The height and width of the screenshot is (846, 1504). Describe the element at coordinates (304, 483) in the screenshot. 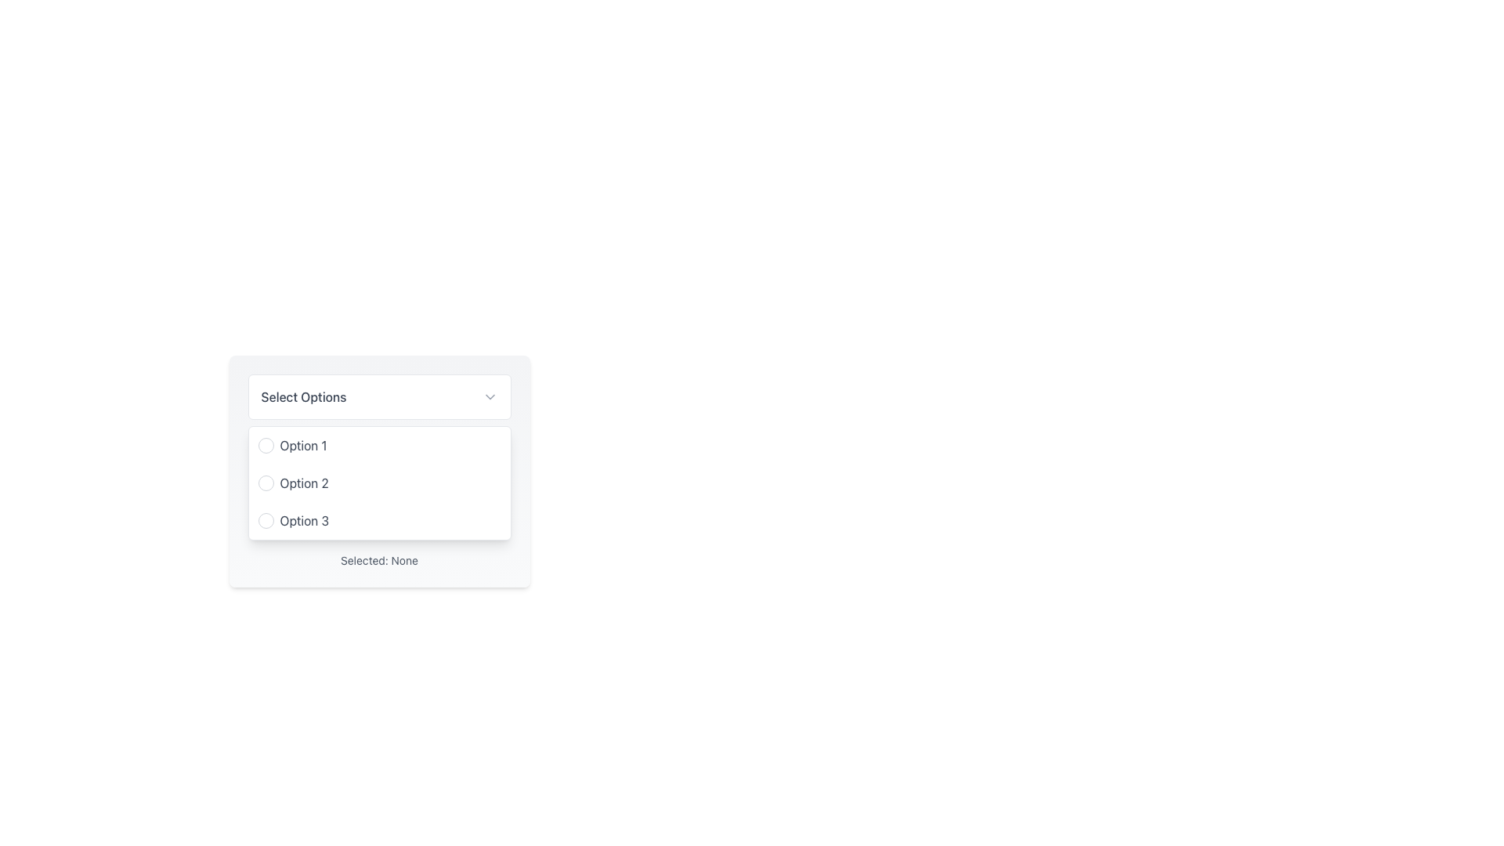

I see `the label element displaying 'Option 2', which is styled in medium gray and positioned adjacent to a circular radio button as the second item in a vertical list of options` at that location.